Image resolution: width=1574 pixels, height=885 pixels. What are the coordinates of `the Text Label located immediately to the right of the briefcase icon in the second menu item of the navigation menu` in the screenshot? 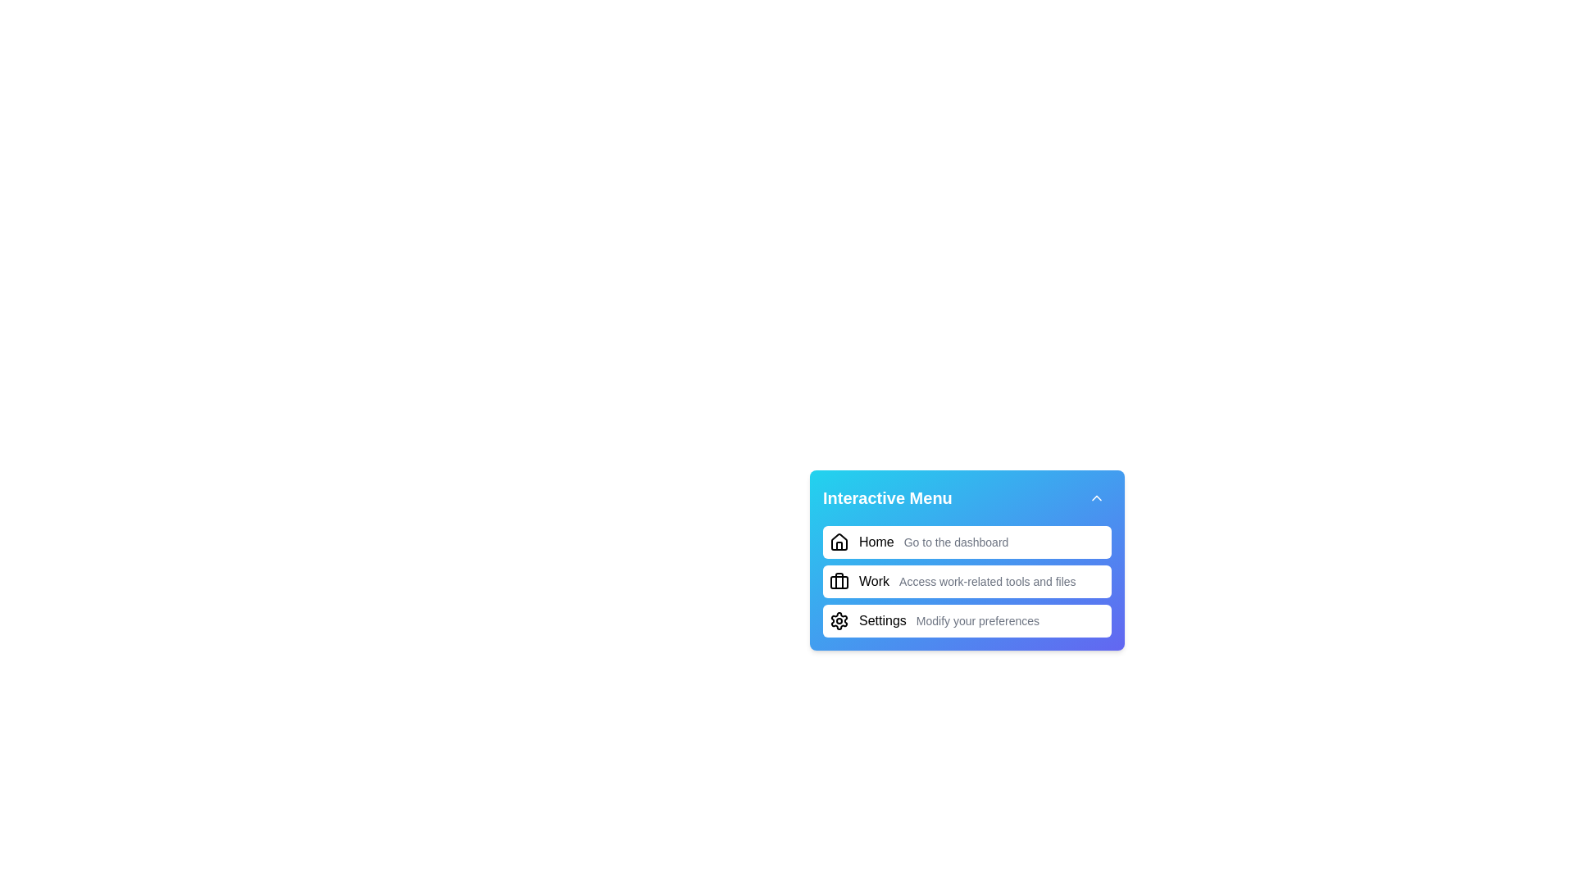 It's located at (873, 580).